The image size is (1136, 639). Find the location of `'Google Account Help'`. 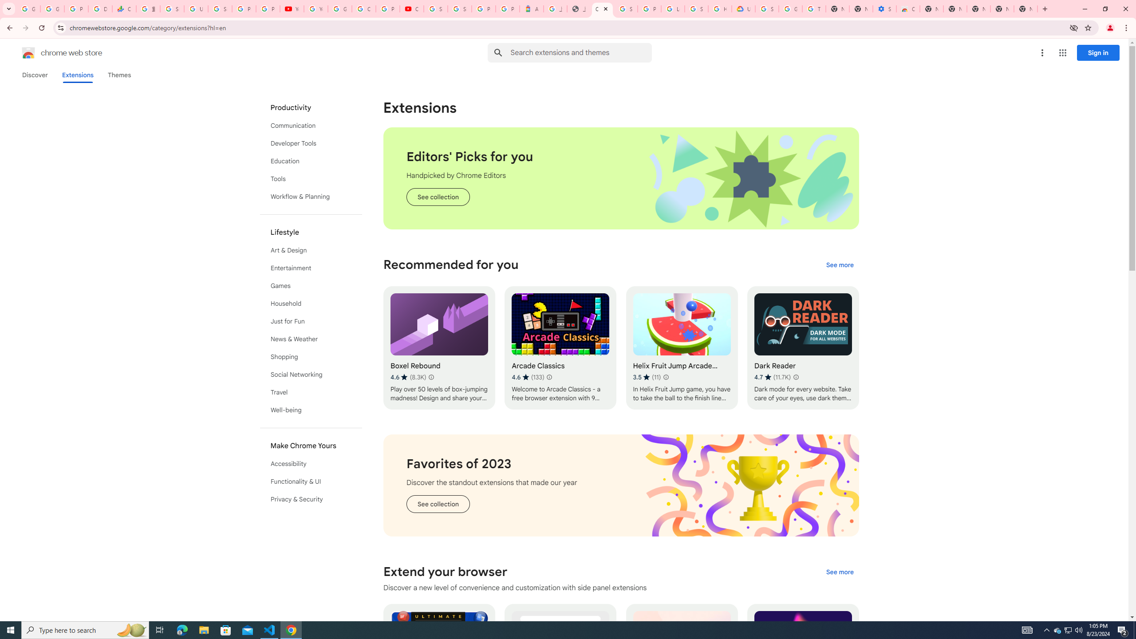

'Google Account Help' is located at coordinates (790, 8).